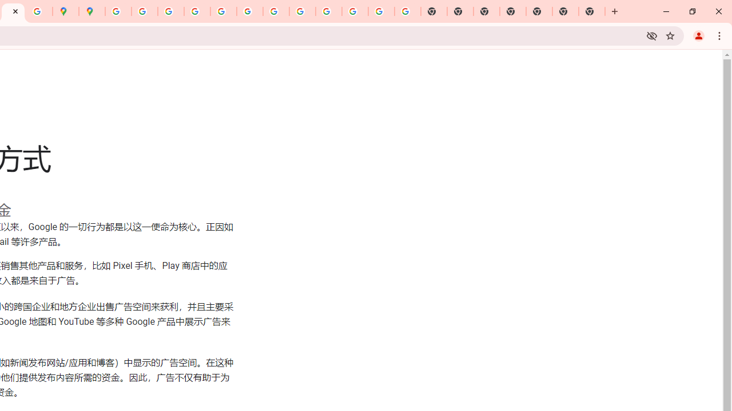 This screenshot has width=732, height=411. What do you see at coordinates (118, 11) in the screenshot?
I see `'Sign in - Google Accounts'` at bounding box center [118, 11].